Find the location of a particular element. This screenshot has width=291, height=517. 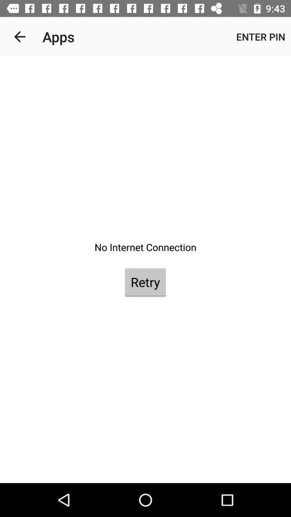

the item to the left of apps is located at coordinates (19, 37).